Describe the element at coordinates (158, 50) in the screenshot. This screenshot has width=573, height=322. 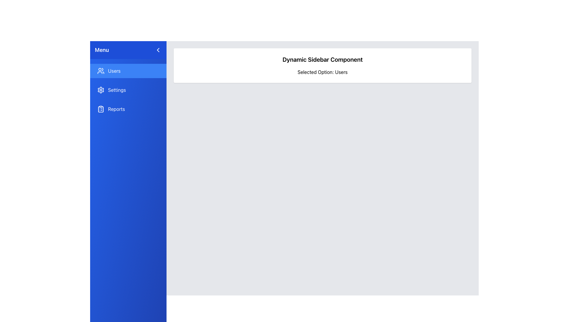
I see `the leftward-pointing chevron arrow icon located near the top of the menu section, slightly to the right of the 'Menu' label to possibly reveal a tooltip` at that location.